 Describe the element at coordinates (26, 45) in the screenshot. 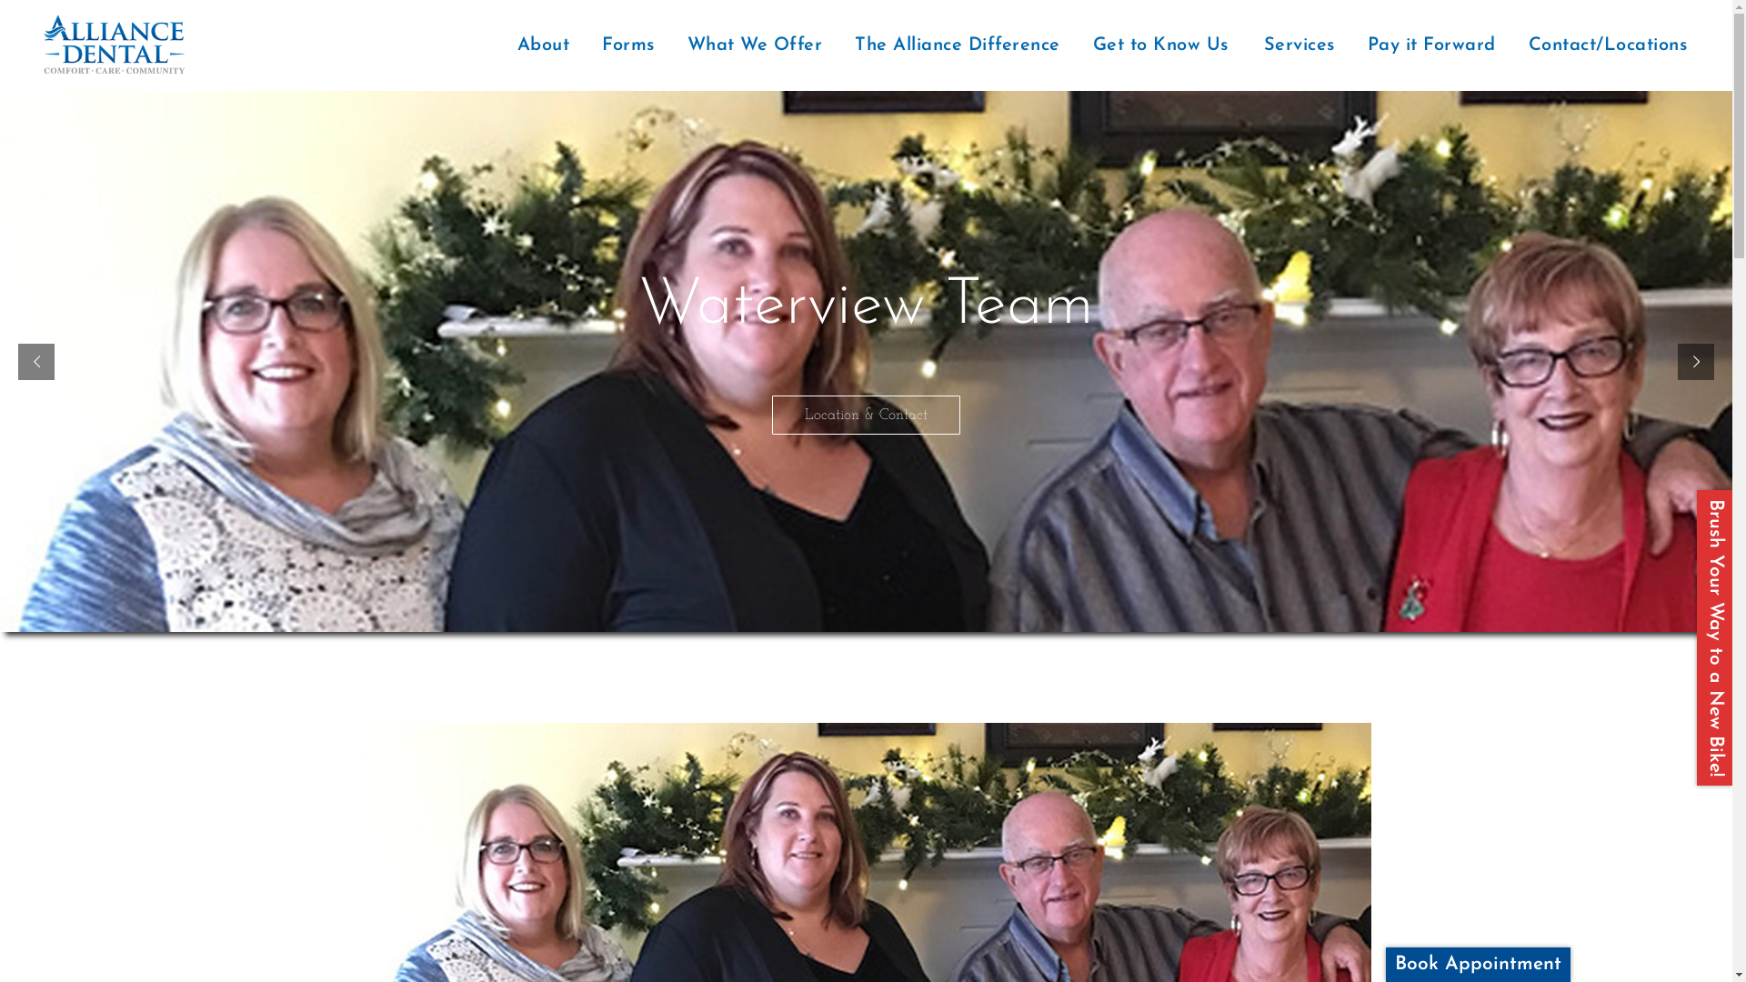

I see `'Alliance Dental'` at that location.